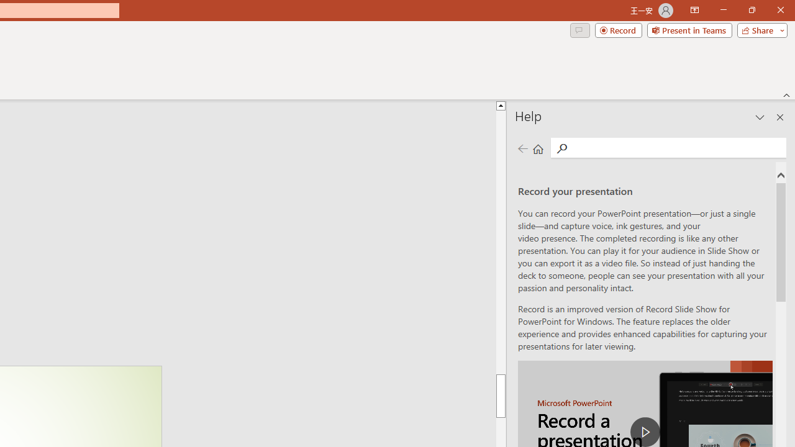 Image resolution: width=795 pixels, height=447 pixels. Describe the element at coordinates (676, 147) in the screenshot. I see `'Search'` at that location.